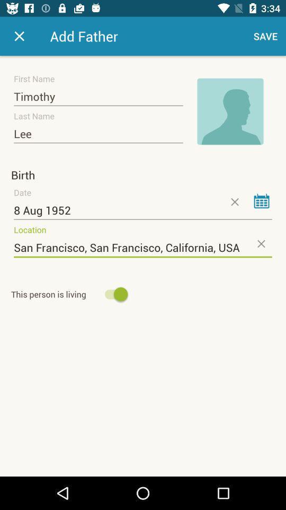  What do you see at coordinates (19, 36) in the screenshot?
I see `app to the left of the add father` at bounding box center [19, 36].